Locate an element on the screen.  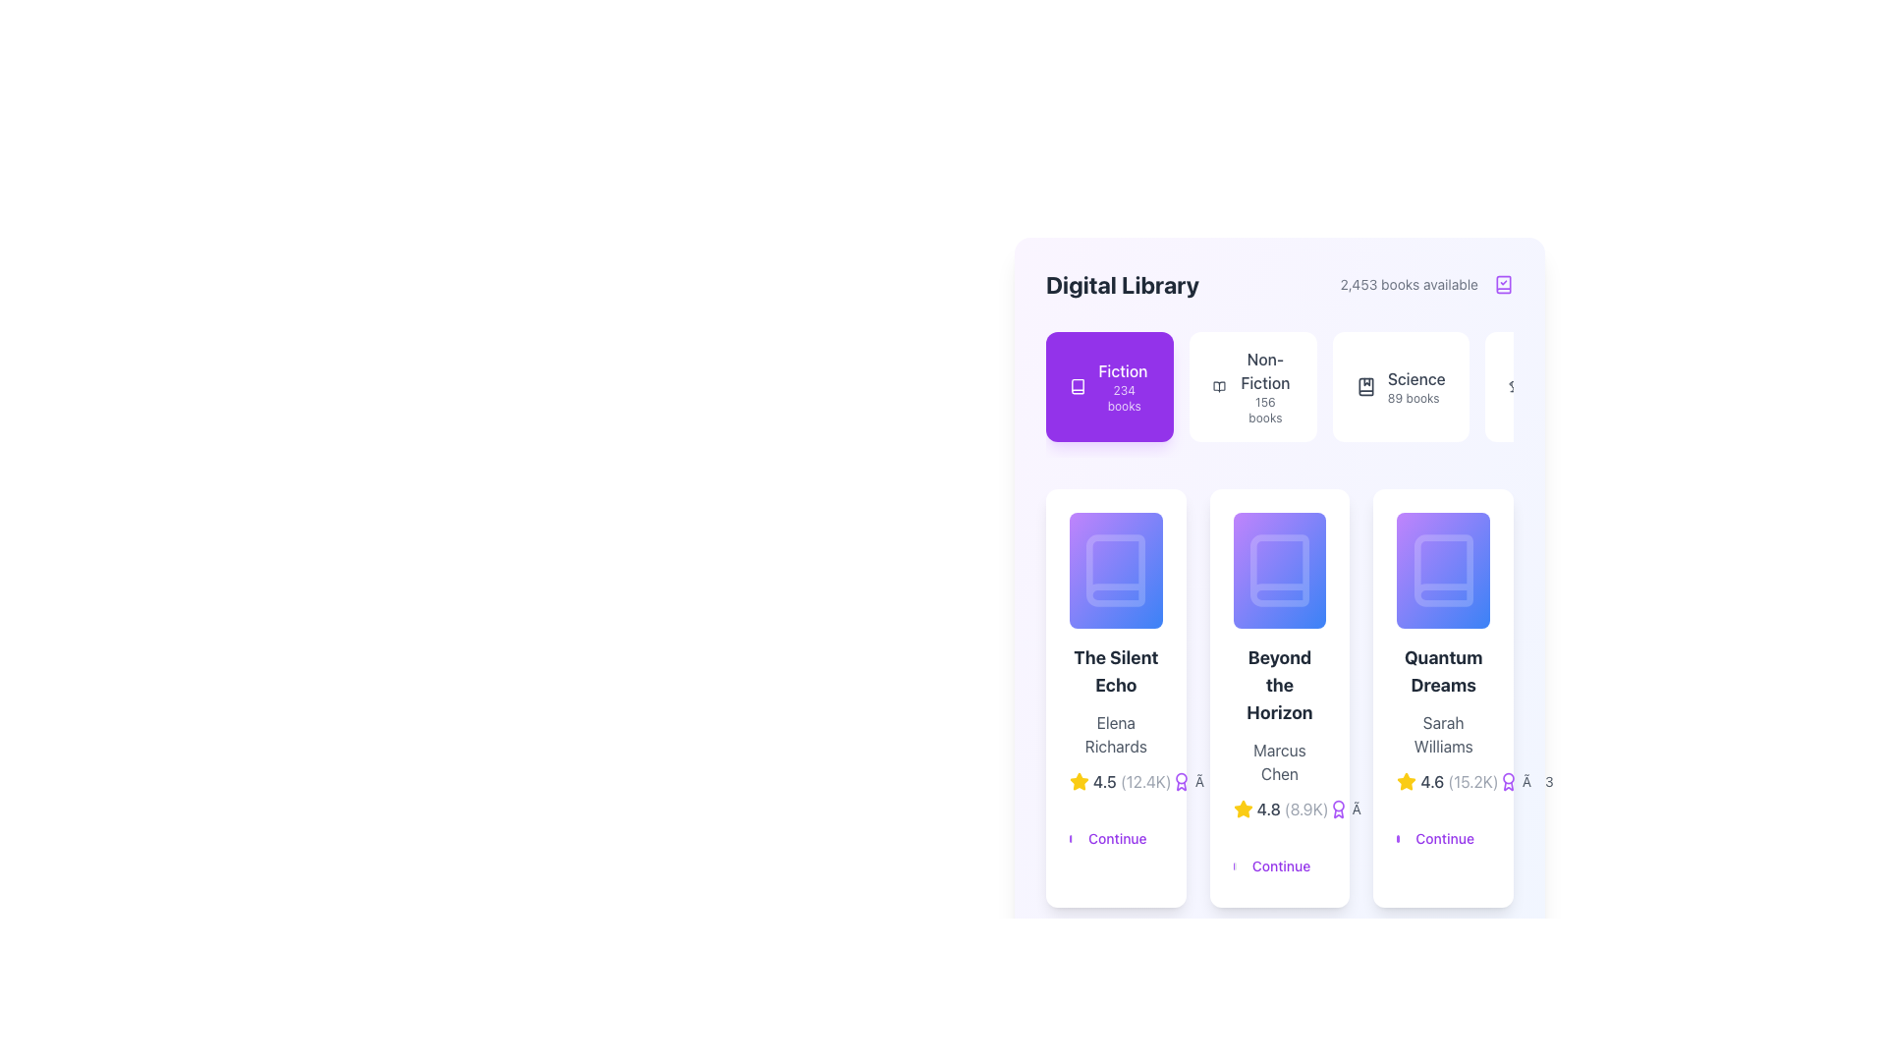
on the text element labeled 'Digital Library' located in the header section of the library interface is located at coordinates (1122, 284).